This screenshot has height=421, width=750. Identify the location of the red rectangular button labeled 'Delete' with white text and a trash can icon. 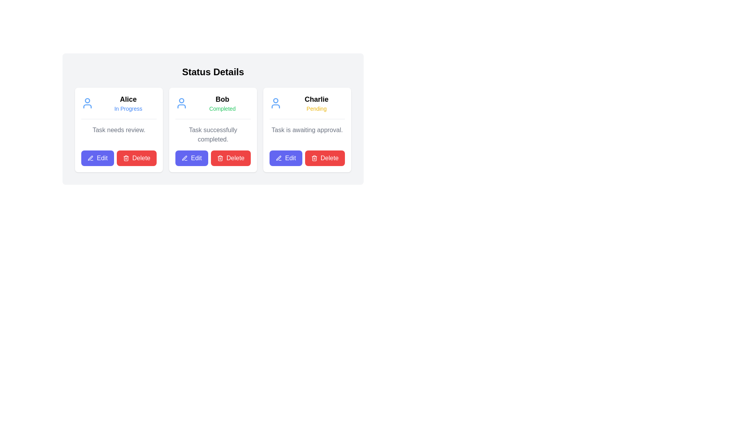
(118, 158).